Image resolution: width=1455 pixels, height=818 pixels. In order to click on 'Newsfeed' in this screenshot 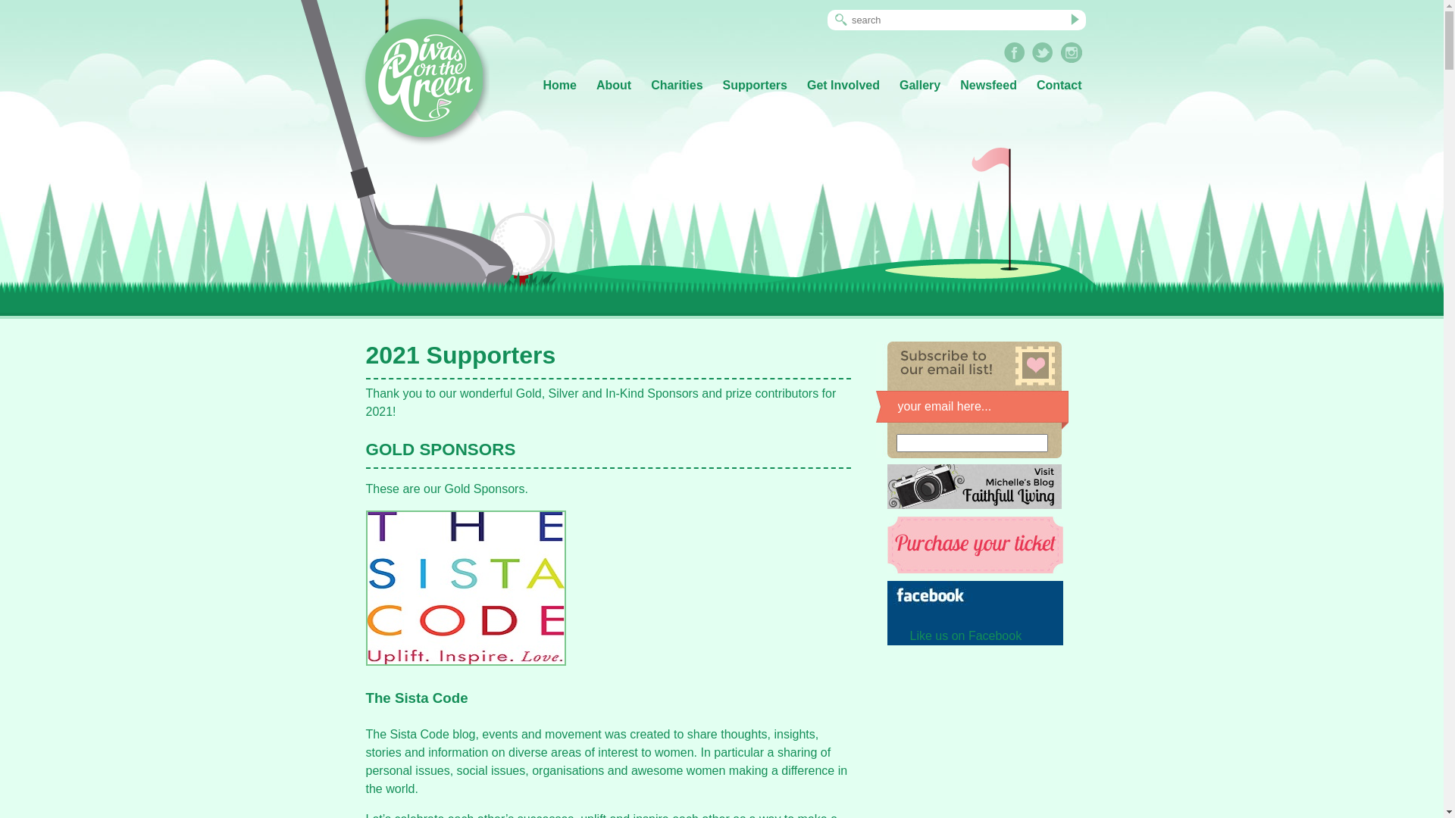, I will do `click(988, 85)`.